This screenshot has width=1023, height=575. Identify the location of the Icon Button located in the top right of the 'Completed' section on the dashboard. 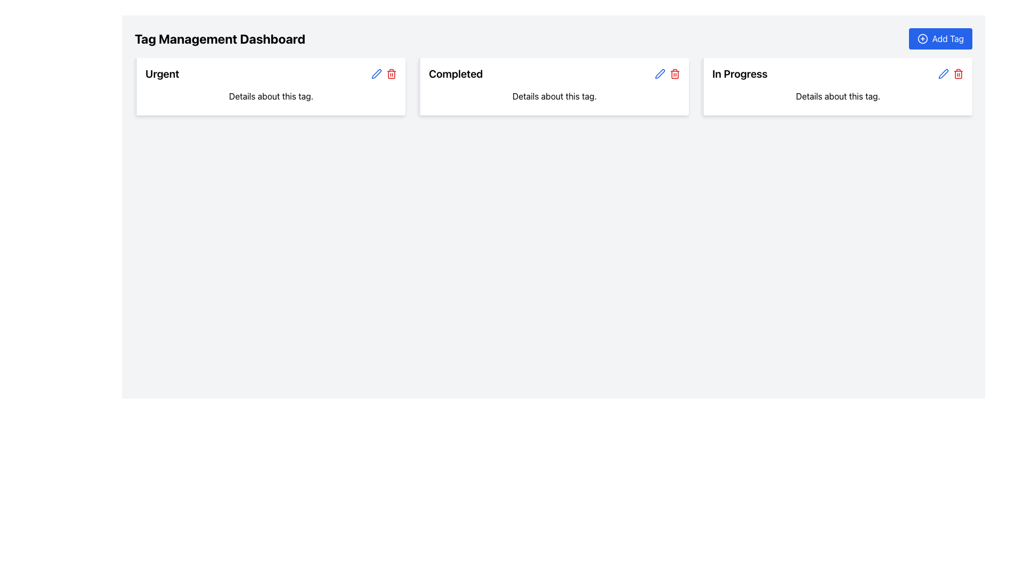
(659, 73).